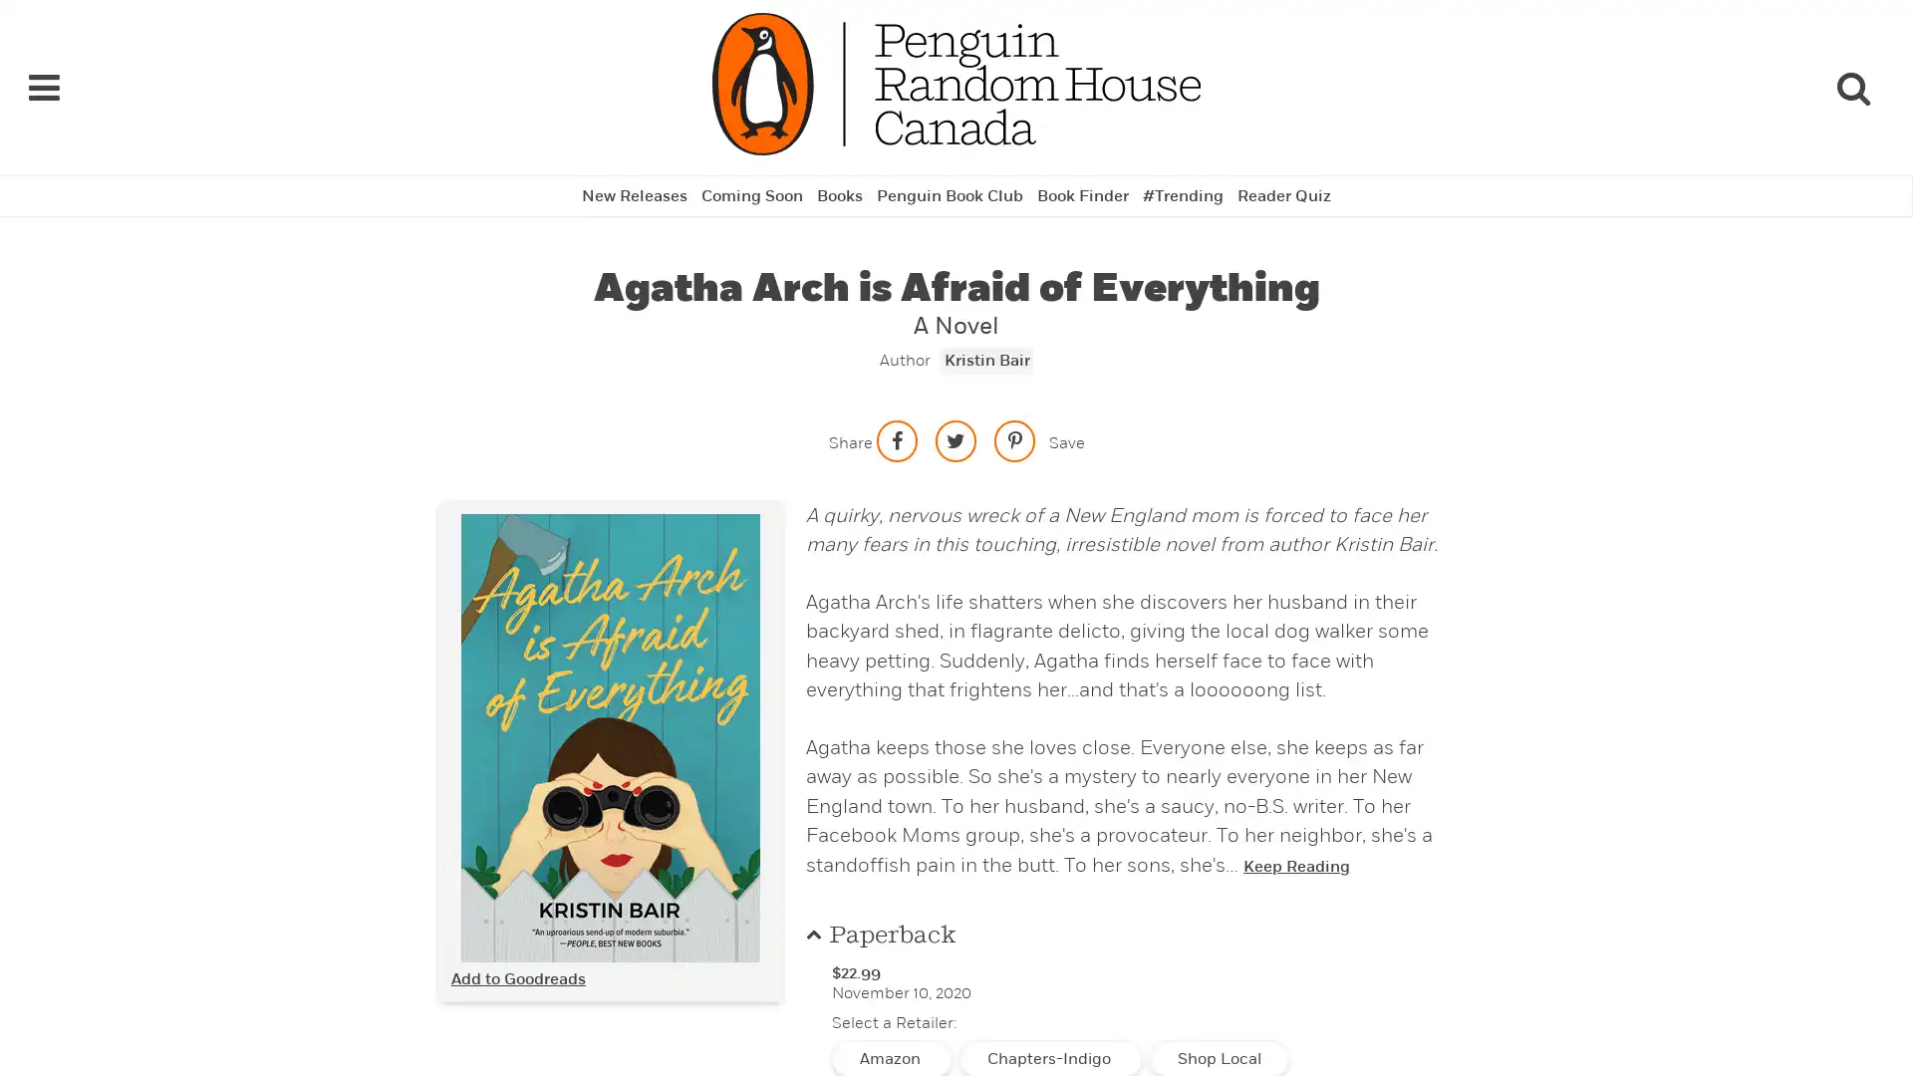  Describe the element at coordinates (1134, 867) in the screenshot. I see `Paperback` at that location.